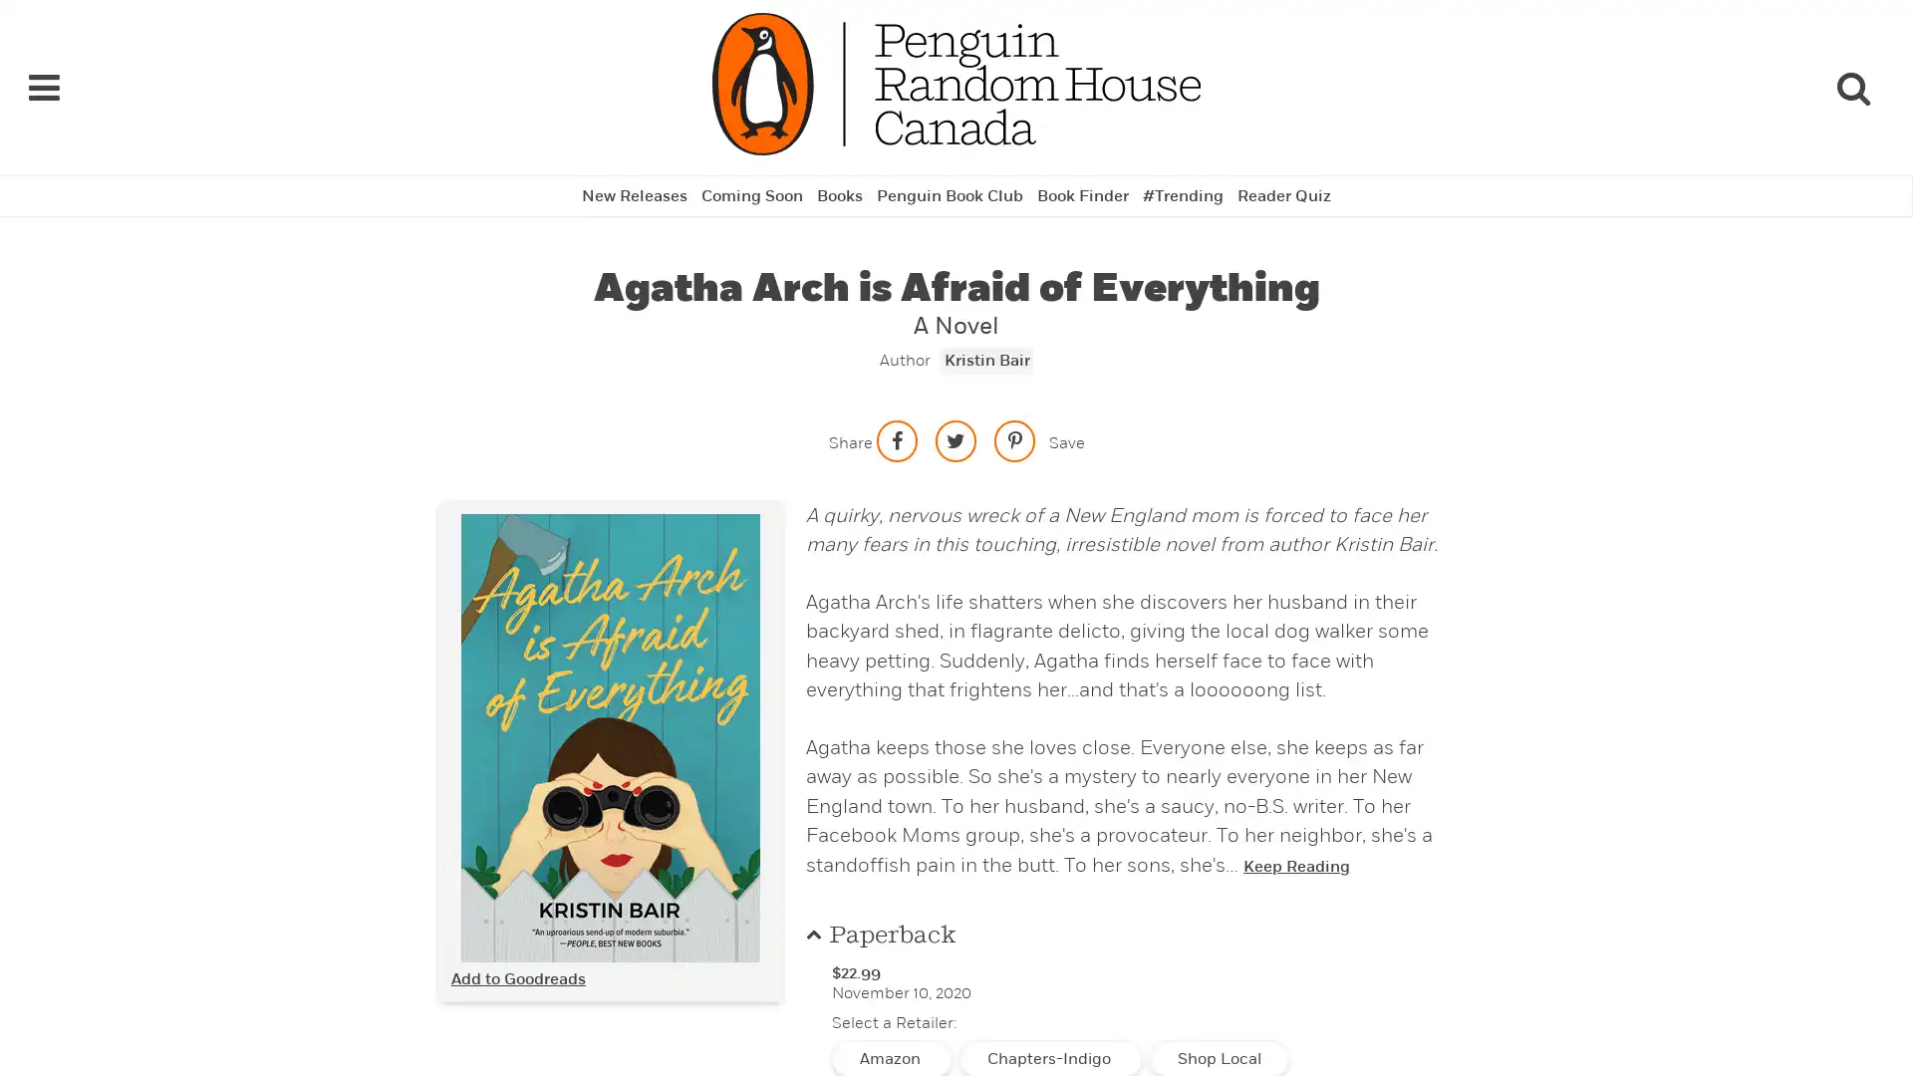  Describe the element at coordinates (1134, 867) in the screenshot. I see `Paperback` at that location.